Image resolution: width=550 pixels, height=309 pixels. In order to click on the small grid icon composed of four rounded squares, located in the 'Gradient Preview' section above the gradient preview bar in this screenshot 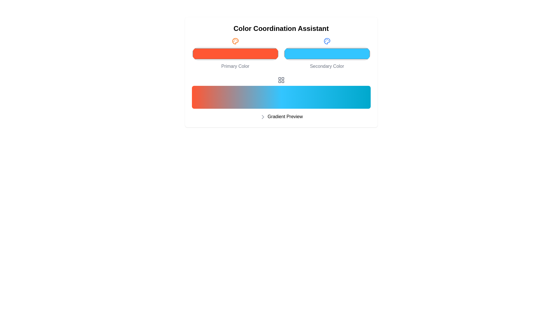, I will do `click(281, 80)`.